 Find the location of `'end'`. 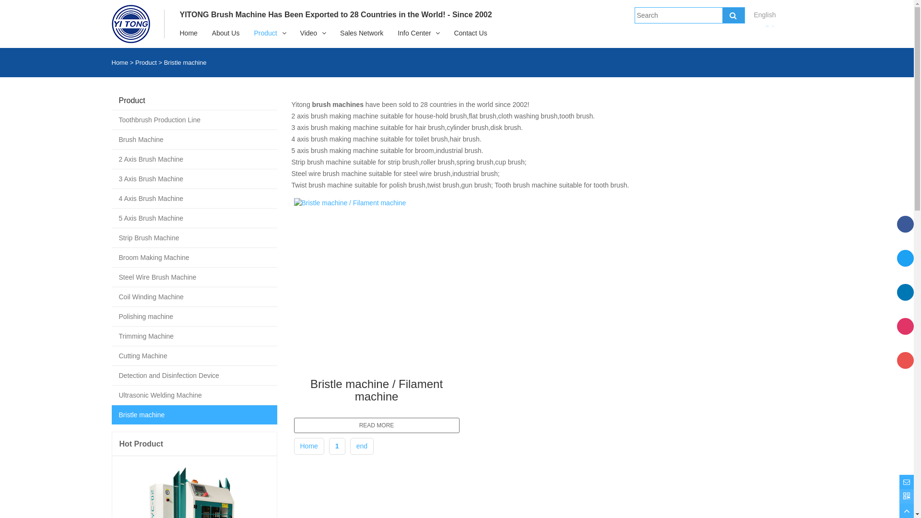

'end' is located at coordinates (356, 446).